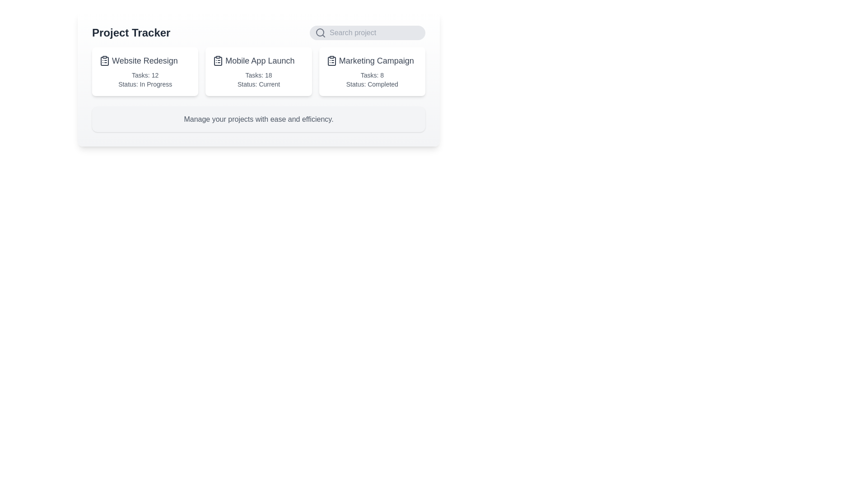 The width and height of the screenshot is (867, 487). Describe the element at coordinates (258, 74) in the screenshot. I see `the text label that reads 'Tasks: 18', which is styled in gray and positioned centrally within the card labeled 'Mobile App Launch'` at that location.